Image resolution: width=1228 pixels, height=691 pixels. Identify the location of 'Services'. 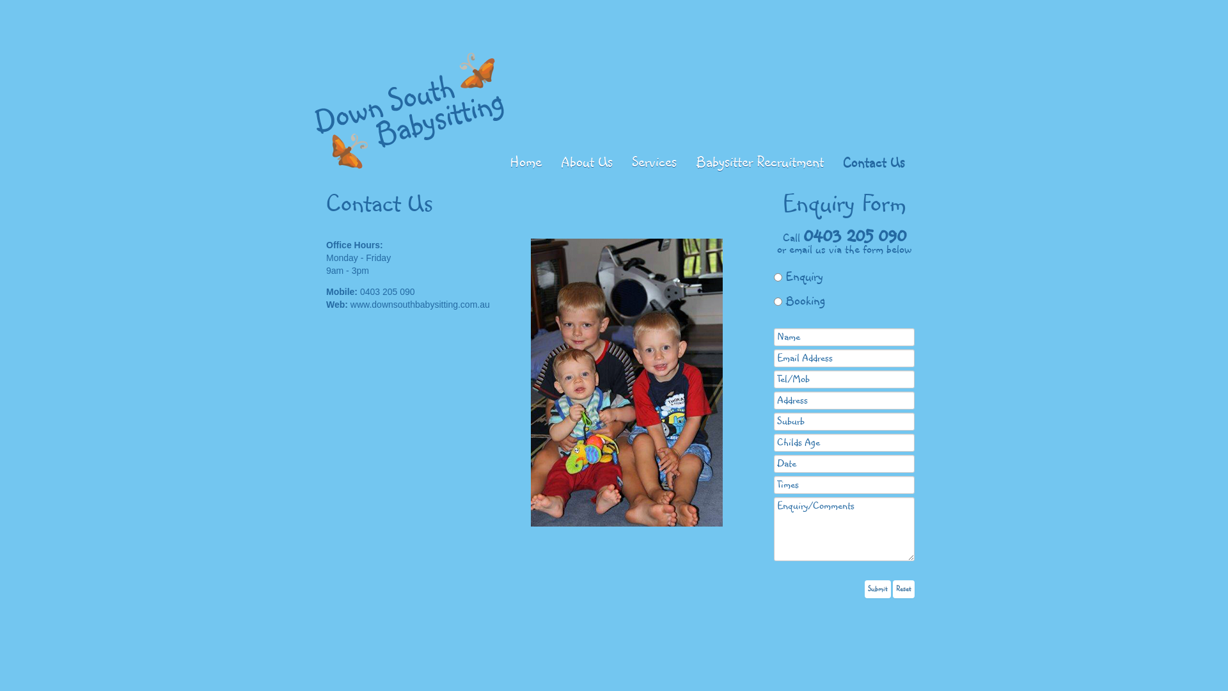
(654, 162).